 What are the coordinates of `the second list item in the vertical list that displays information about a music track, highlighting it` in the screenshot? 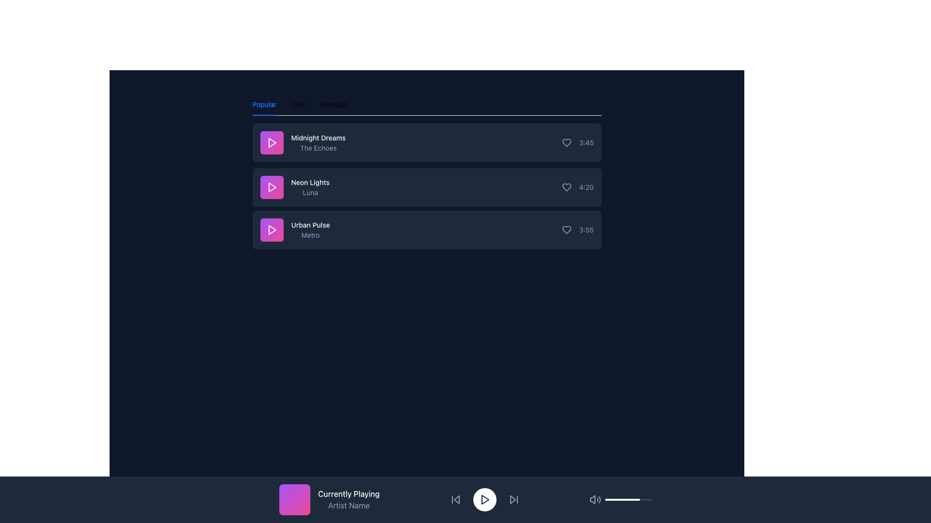 It's located at (294, 187).